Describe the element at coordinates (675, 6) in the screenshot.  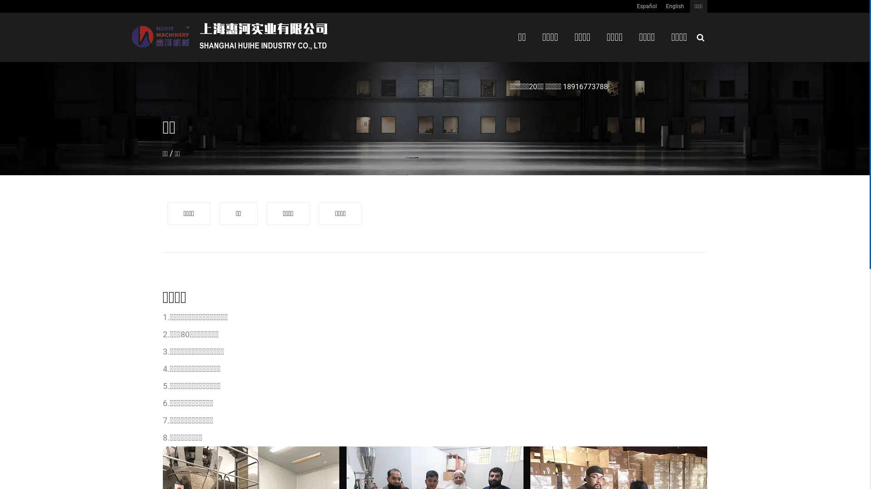
I see `'English'` at that location.